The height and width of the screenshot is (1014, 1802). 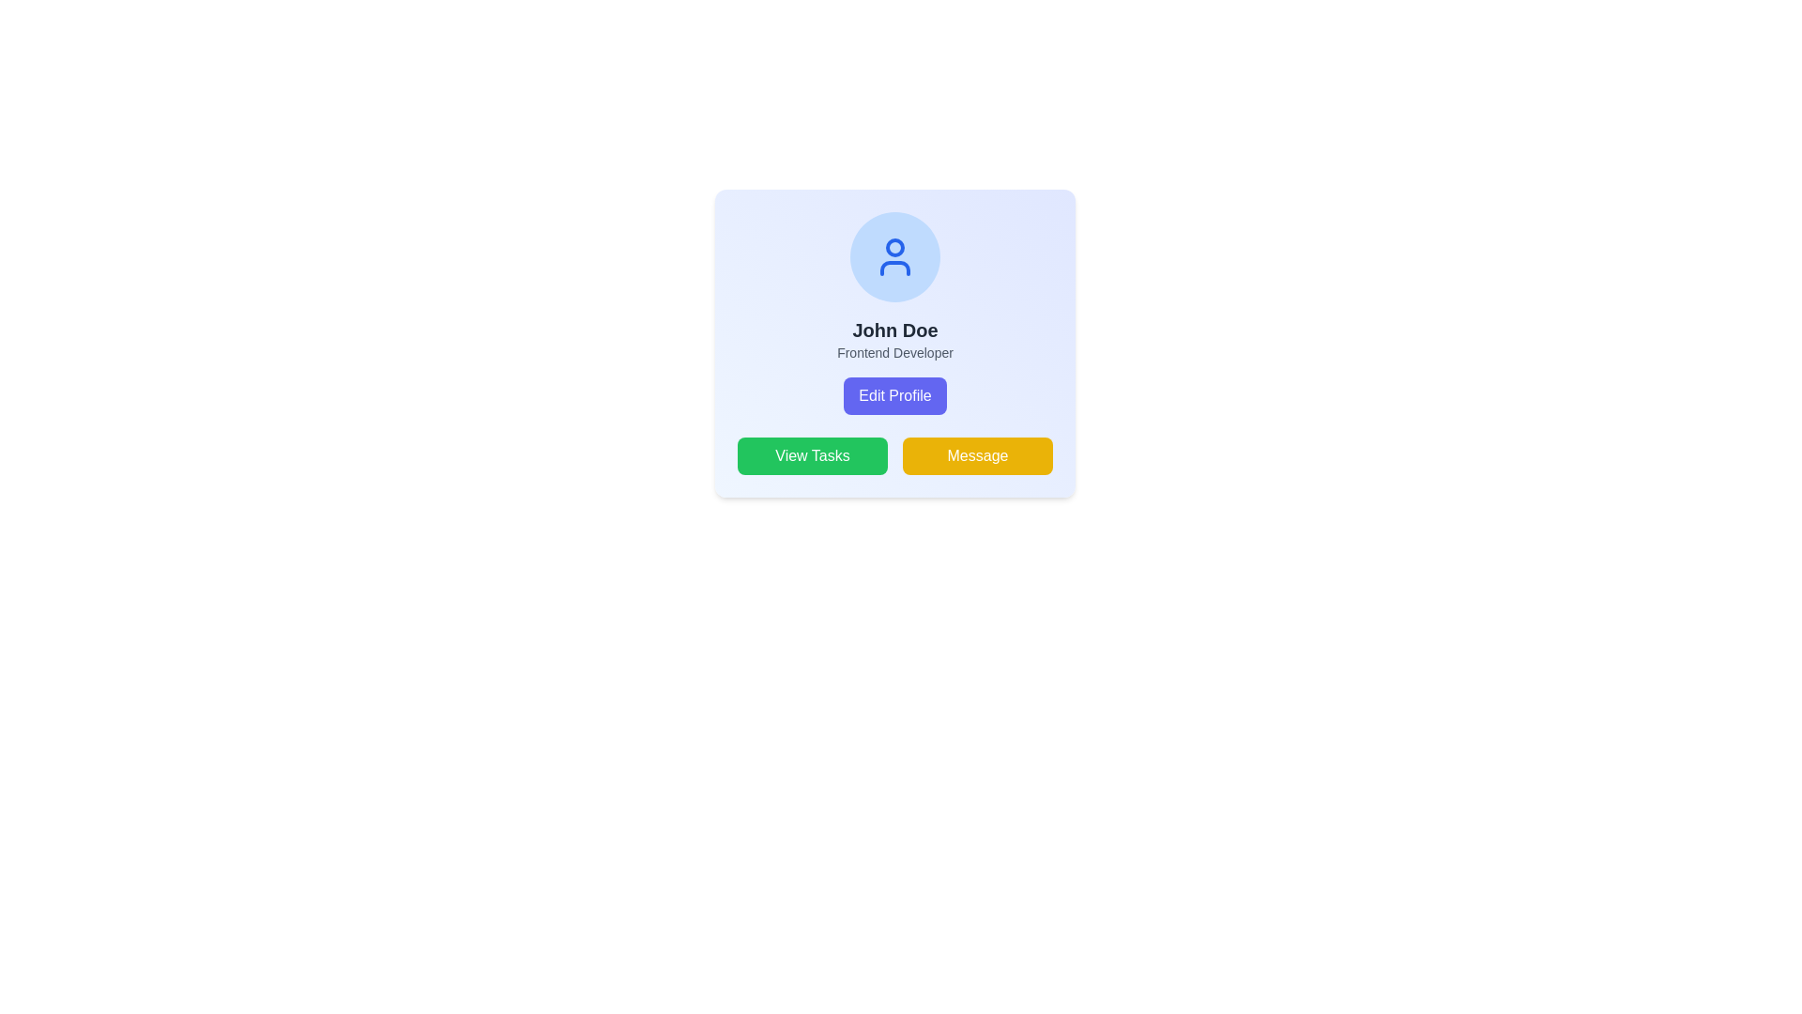 I want to click on the 'Edit Profile' button located at the bottom of the Card Component, which is styled with a blue background and white text, to initiate profile editing, so click(x=894, y=365).